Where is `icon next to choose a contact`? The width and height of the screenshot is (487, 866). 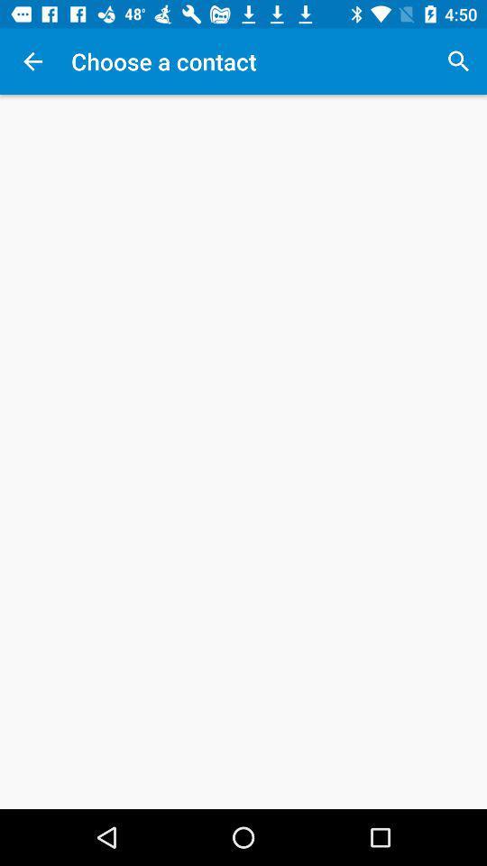 icon next to choose a contact is located at coordinates (458, 61).